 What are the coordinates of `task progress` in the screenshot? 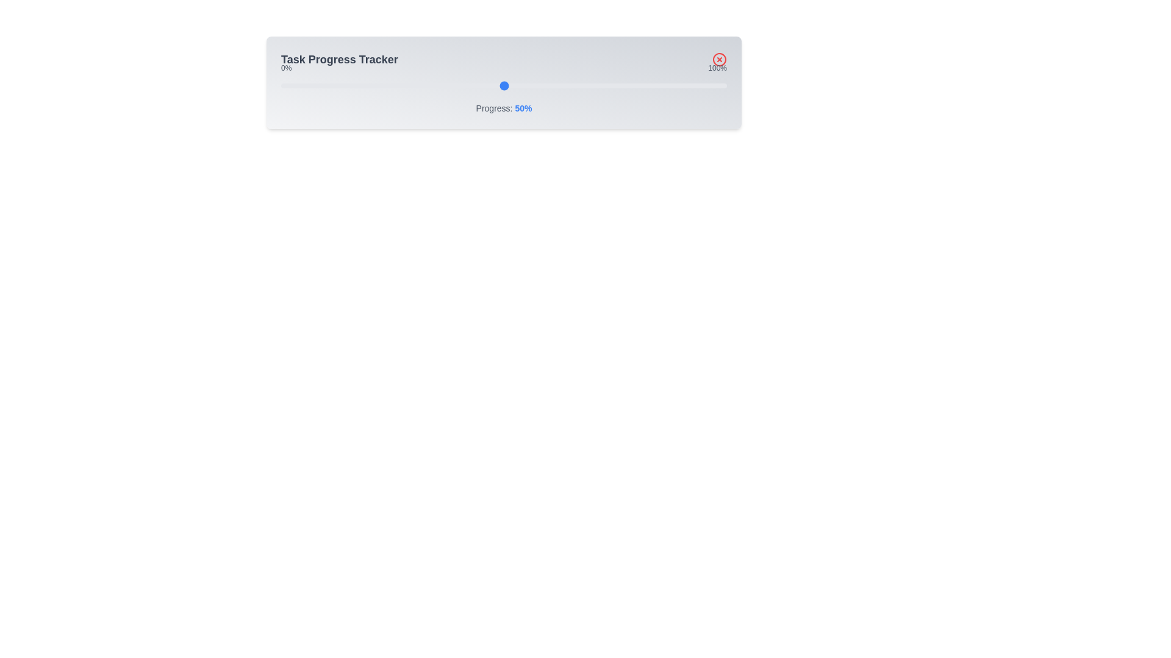 It's located at (374, 85).